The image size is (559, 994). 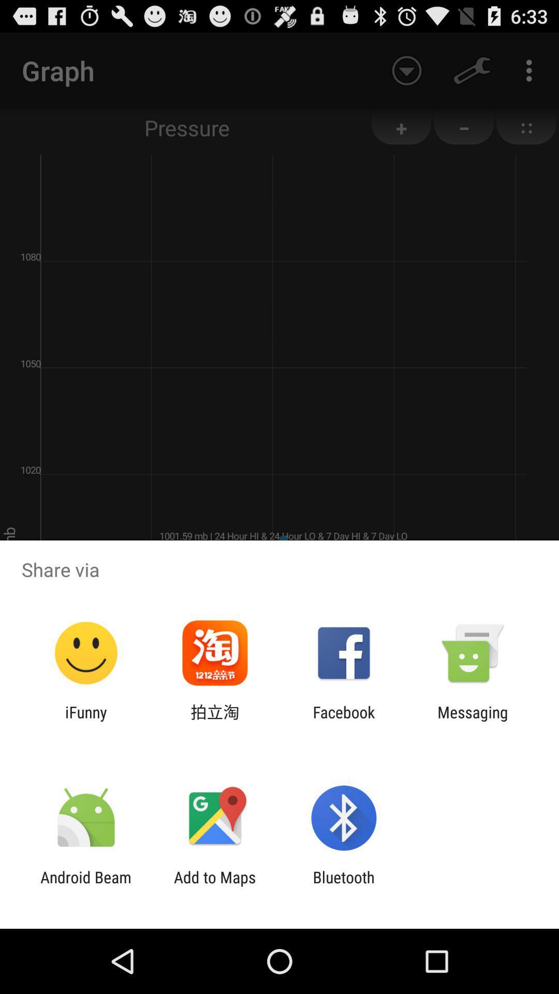 What do you see at coordinates (473, 721) in the screenshot?
I see `messaging icon` at bounding box center [473, 721].